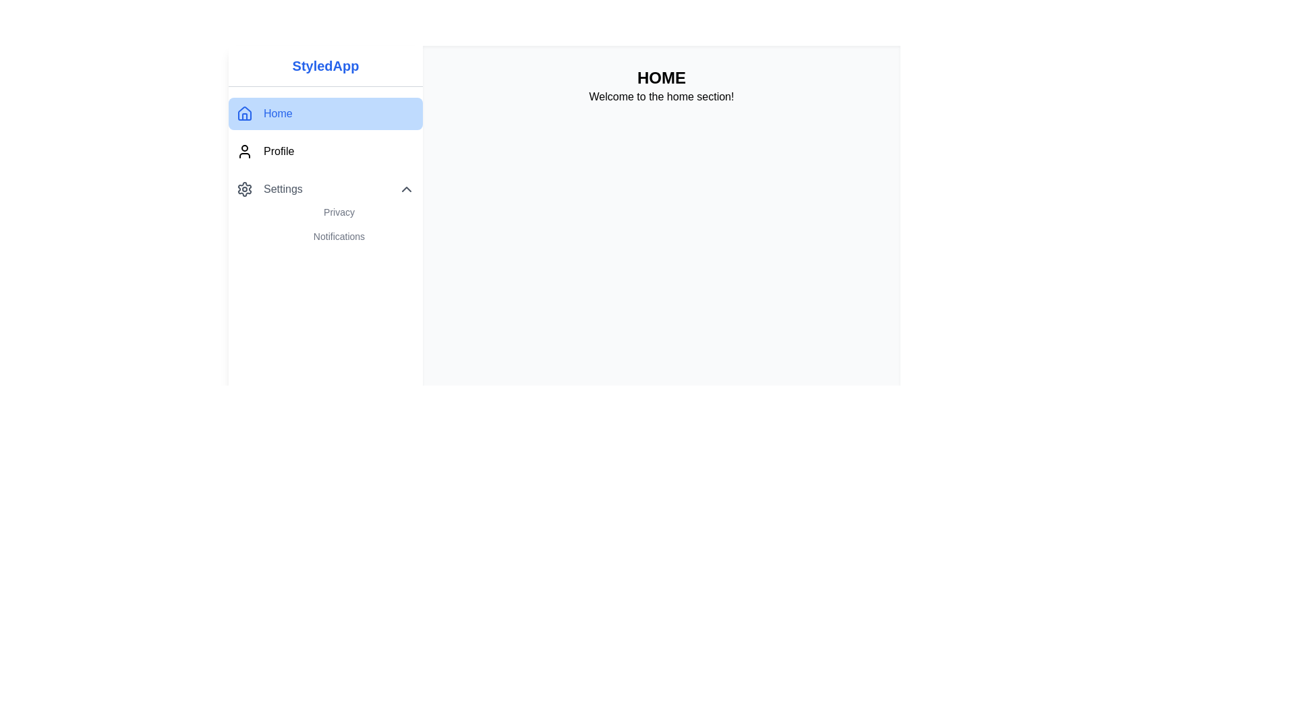 Image resolution: width=1295 pixels, height=728 pixels. Describe the element at coordinates (245, 189) in the screenshot. I see `the settings icon located on the vertical navigation sidebar next to the 'Settings' label, which is the third option` at that location.